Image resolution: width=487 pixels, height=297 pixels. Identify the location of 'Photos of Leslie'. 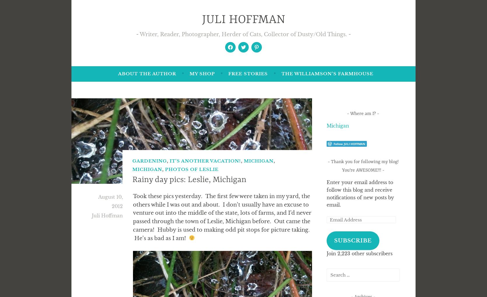
(165, 169).